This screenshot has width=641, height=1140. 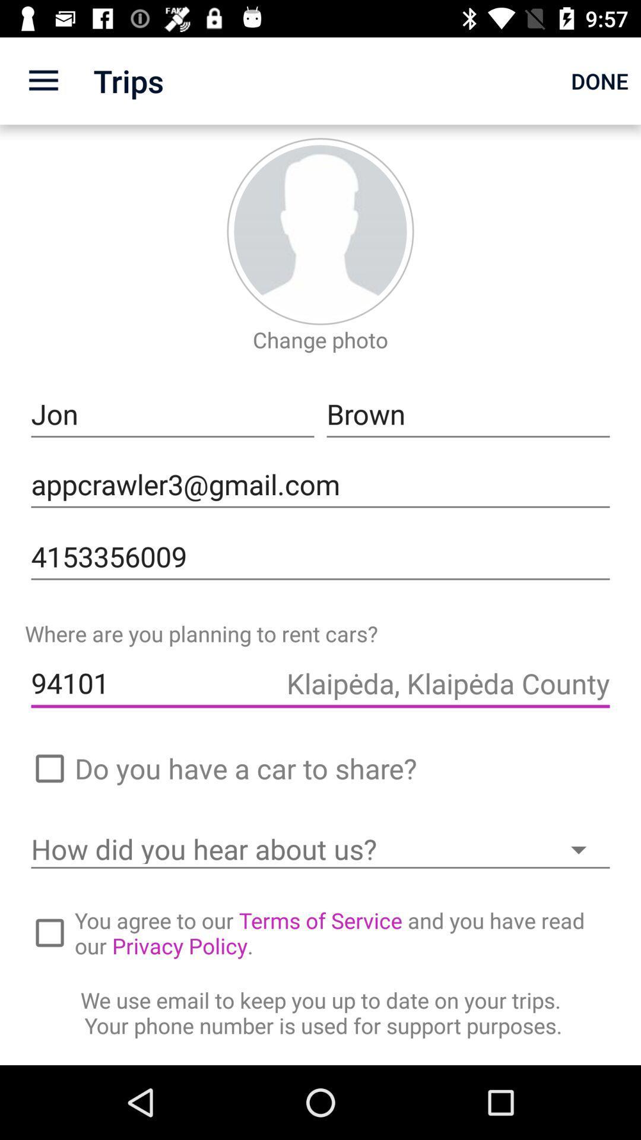 What do you see at coordinates (468, 414) in the screenshot?
I see `the brown` at bounding box center [468, 414].